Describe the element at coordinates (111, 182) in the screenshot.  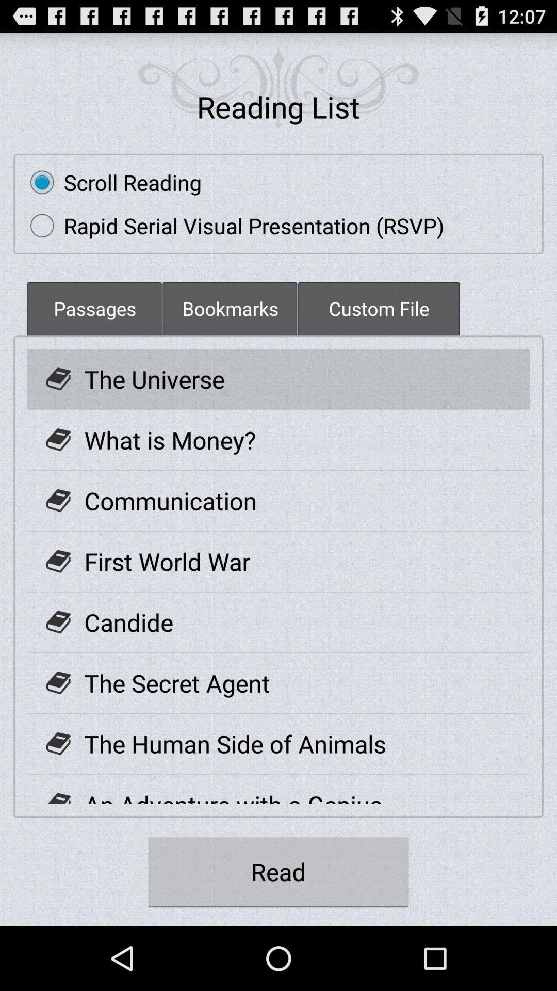
I see `the radio button above the rapid serial visual item` at that location.